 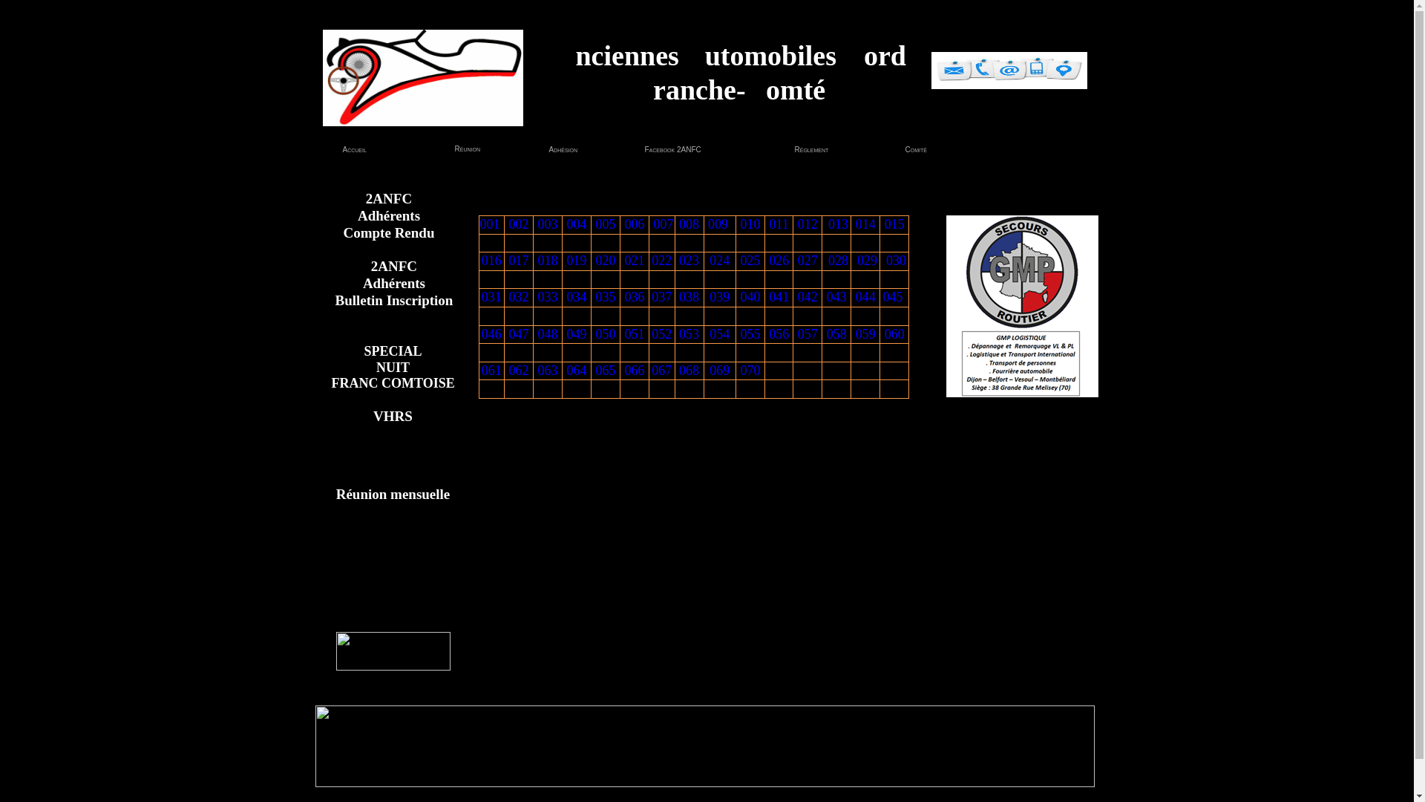 What do you see at coordinates (688, 260) in the screenshot?
I see `'023'` at bounding box center [688, 260].